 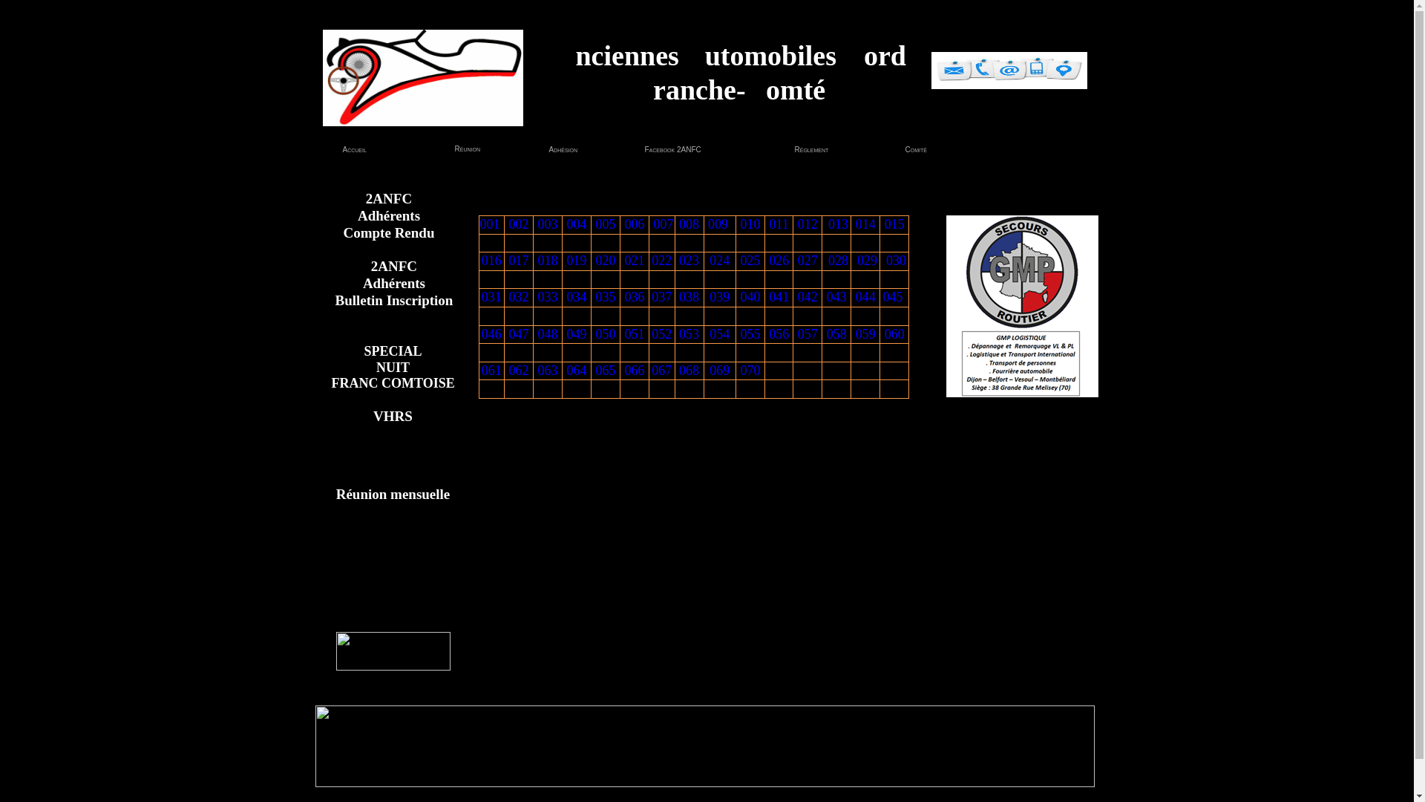 What do you see at coordinates (688, 260) in the screenshot?
I see `'023'` at bounding box center [688, 260].